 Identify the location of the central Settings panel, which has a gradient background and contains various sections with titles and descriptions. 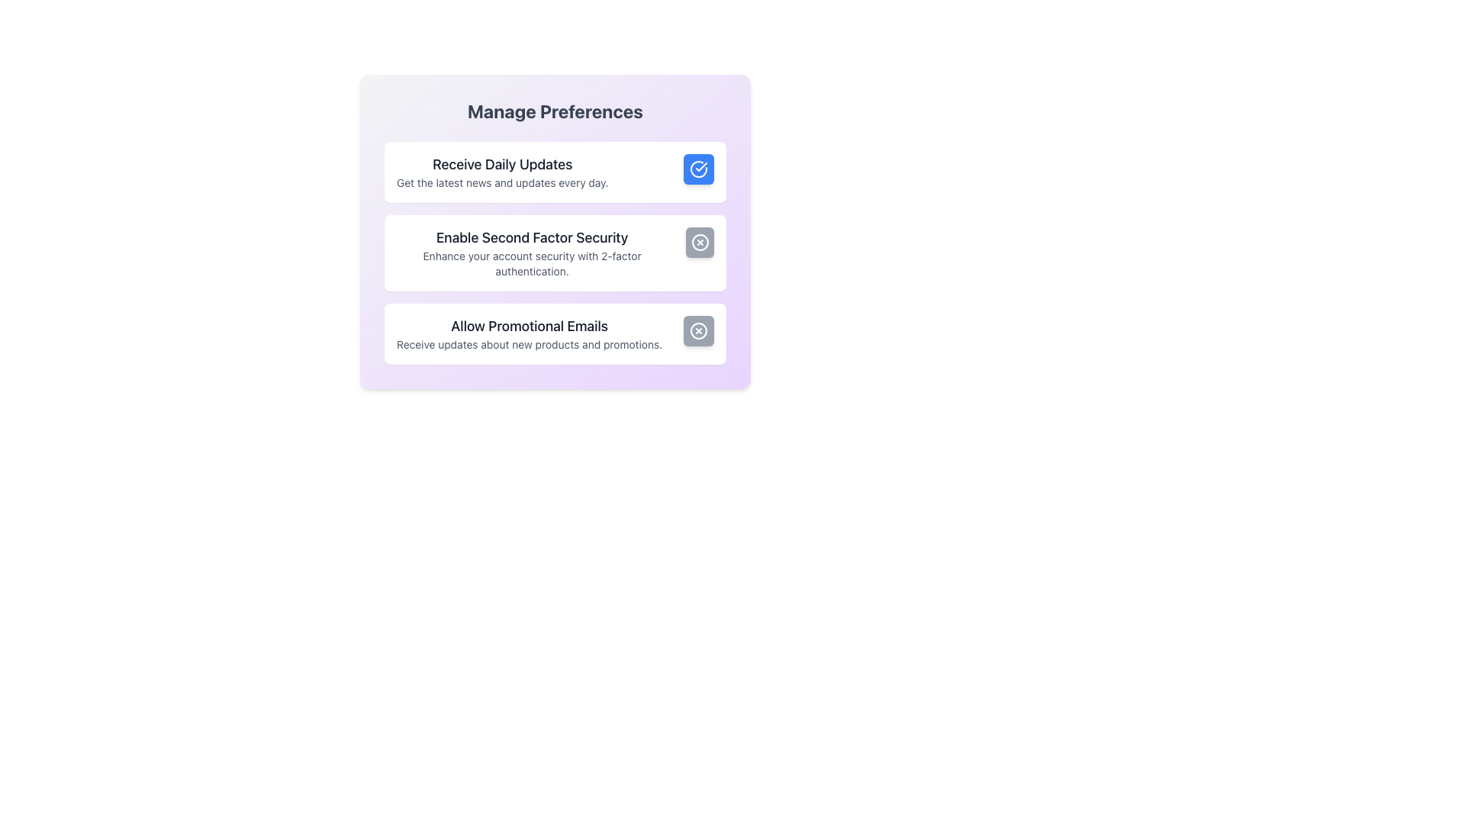
(555, 232).